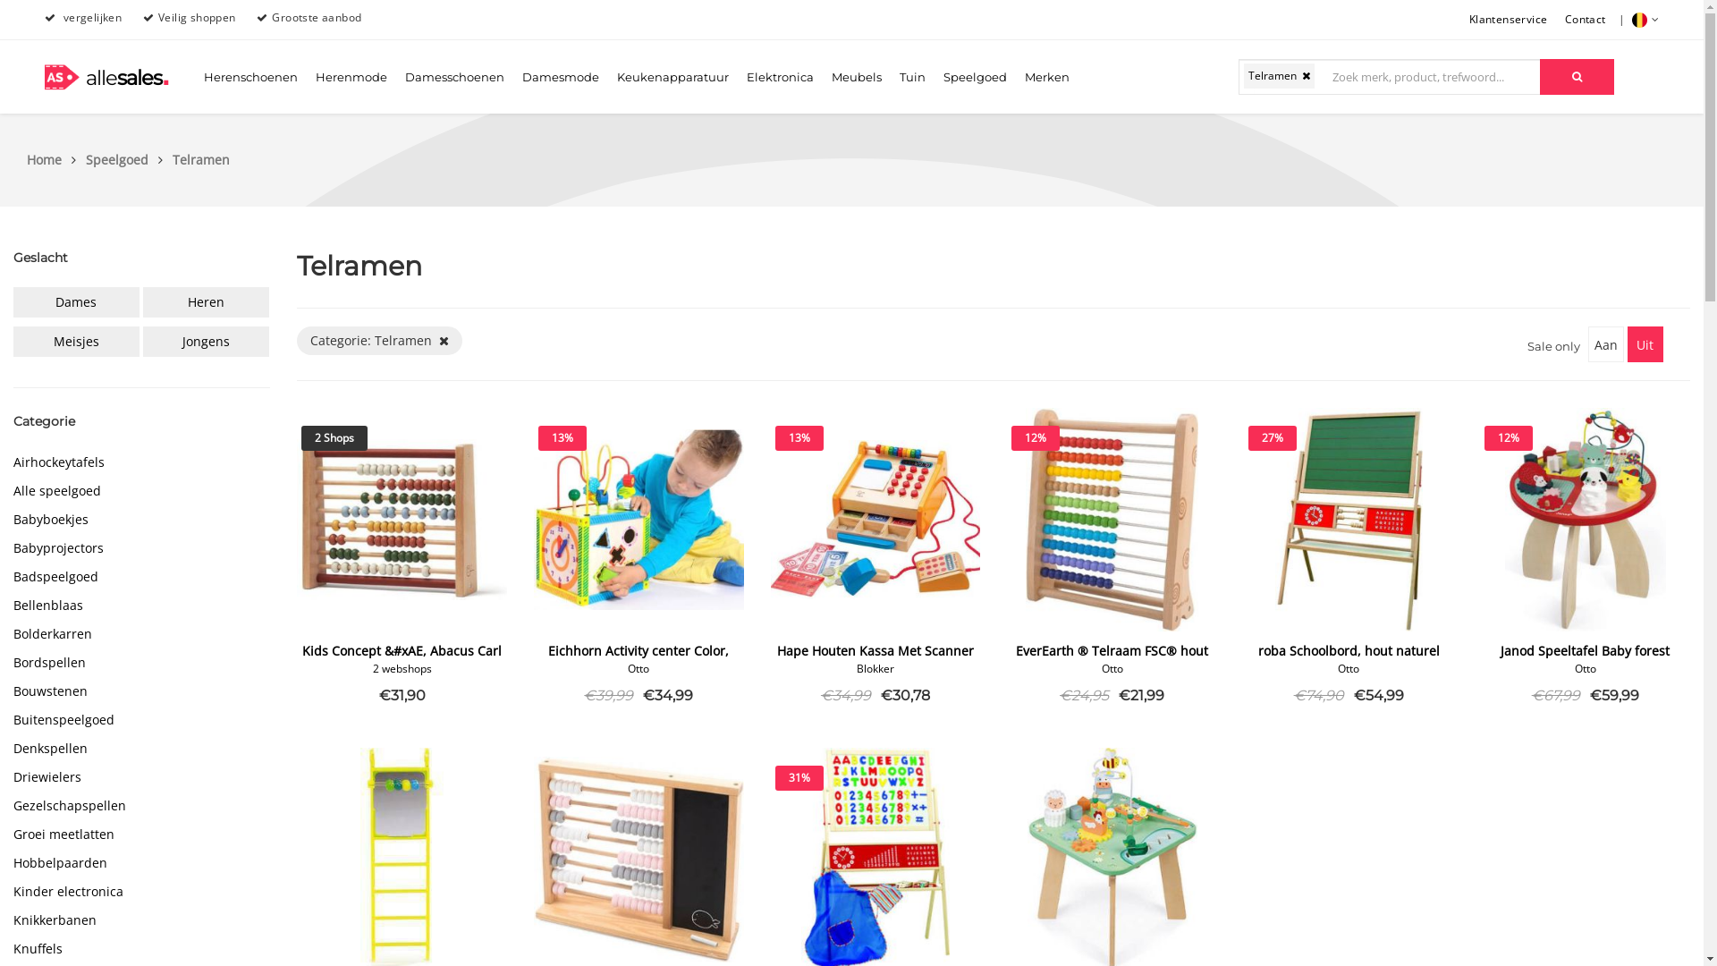 Image resolution: width=1717 pixels, height=966 pixels. What do you see at coordinates (1016, 75) in the screenshot?
I see `'Merken'` at bounding box center [1016, 75].